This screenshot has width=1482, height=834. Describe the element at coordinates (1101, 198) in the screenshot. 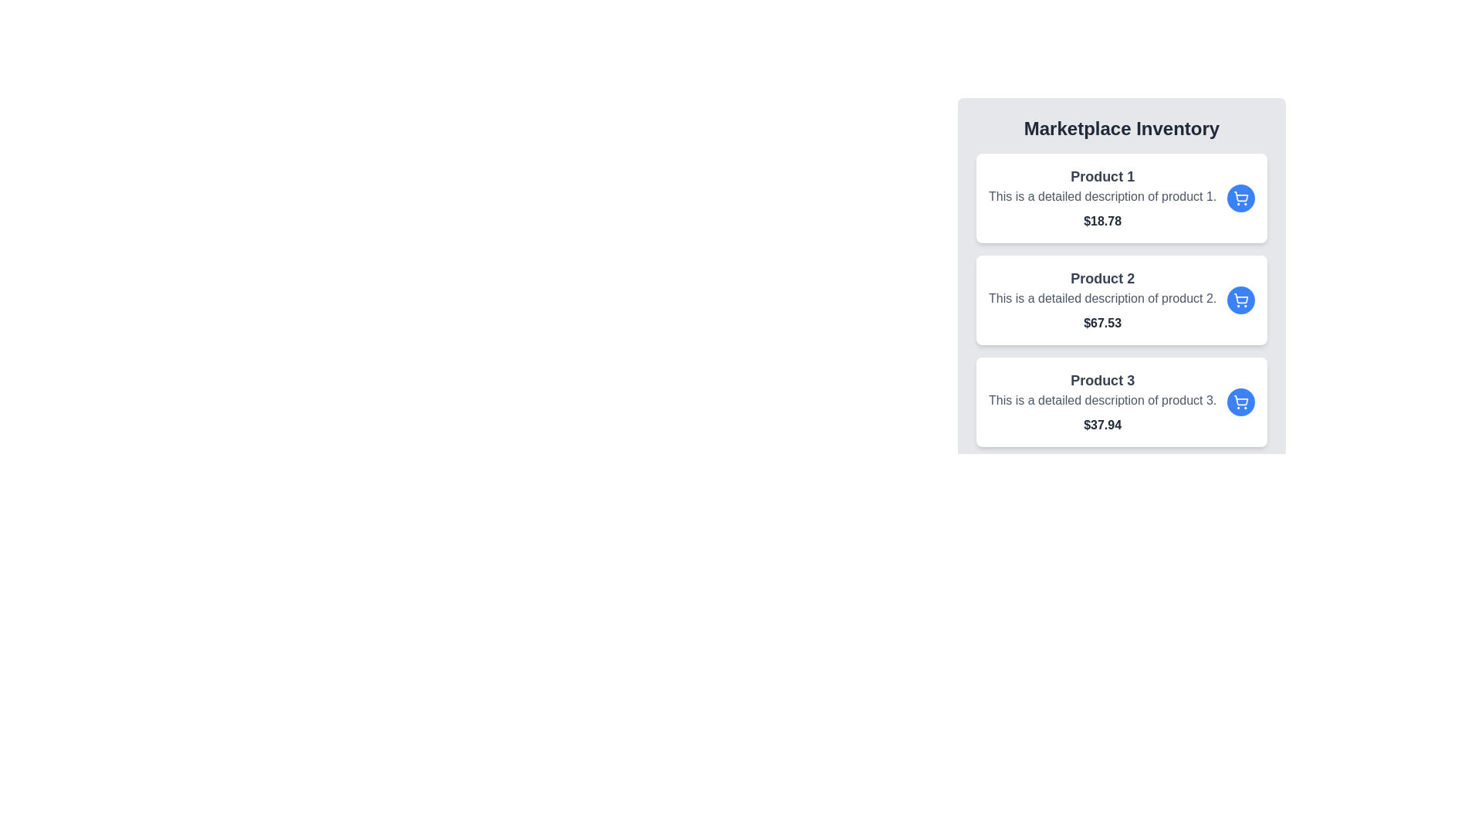

I see `the first product entry text label block which contains the title 'Product 1', a detailed description, and the price '$18.78'` at that location.